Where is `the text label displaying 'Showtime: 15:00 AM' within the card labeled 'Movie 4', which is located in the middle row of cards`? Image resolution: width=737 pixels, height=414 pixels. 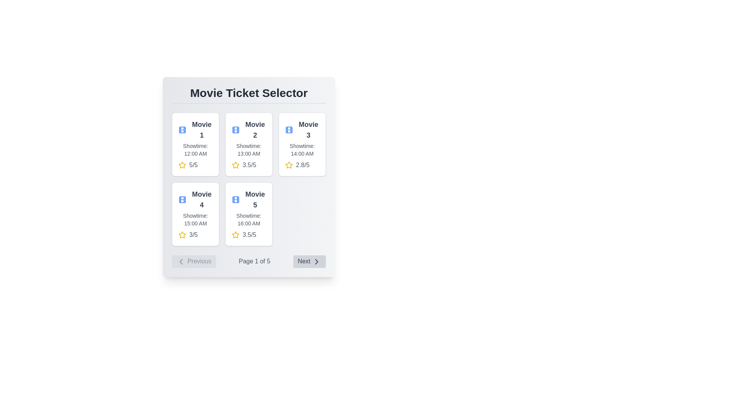 the text label displaying 'Showtime: 15:00 AM' within the card labeled 'Movie 4', which is located in the middle row of cards is located at coordinates (195, 220).